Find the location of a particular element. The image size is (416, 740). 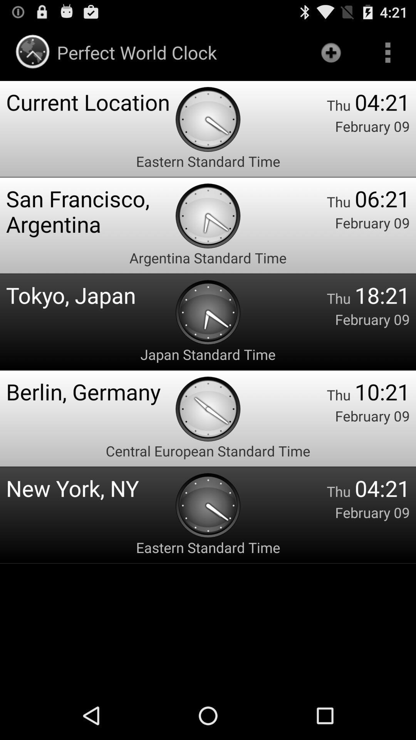

current location is located at coordinates (90, 101).